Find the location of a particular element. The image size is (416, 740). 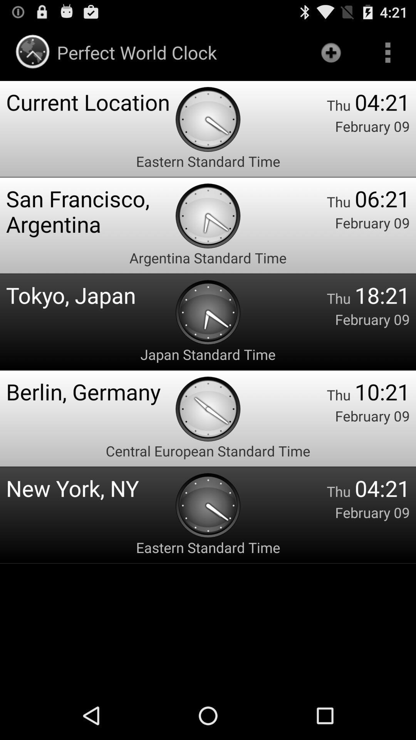

current location is located at coordinates (90, 101).